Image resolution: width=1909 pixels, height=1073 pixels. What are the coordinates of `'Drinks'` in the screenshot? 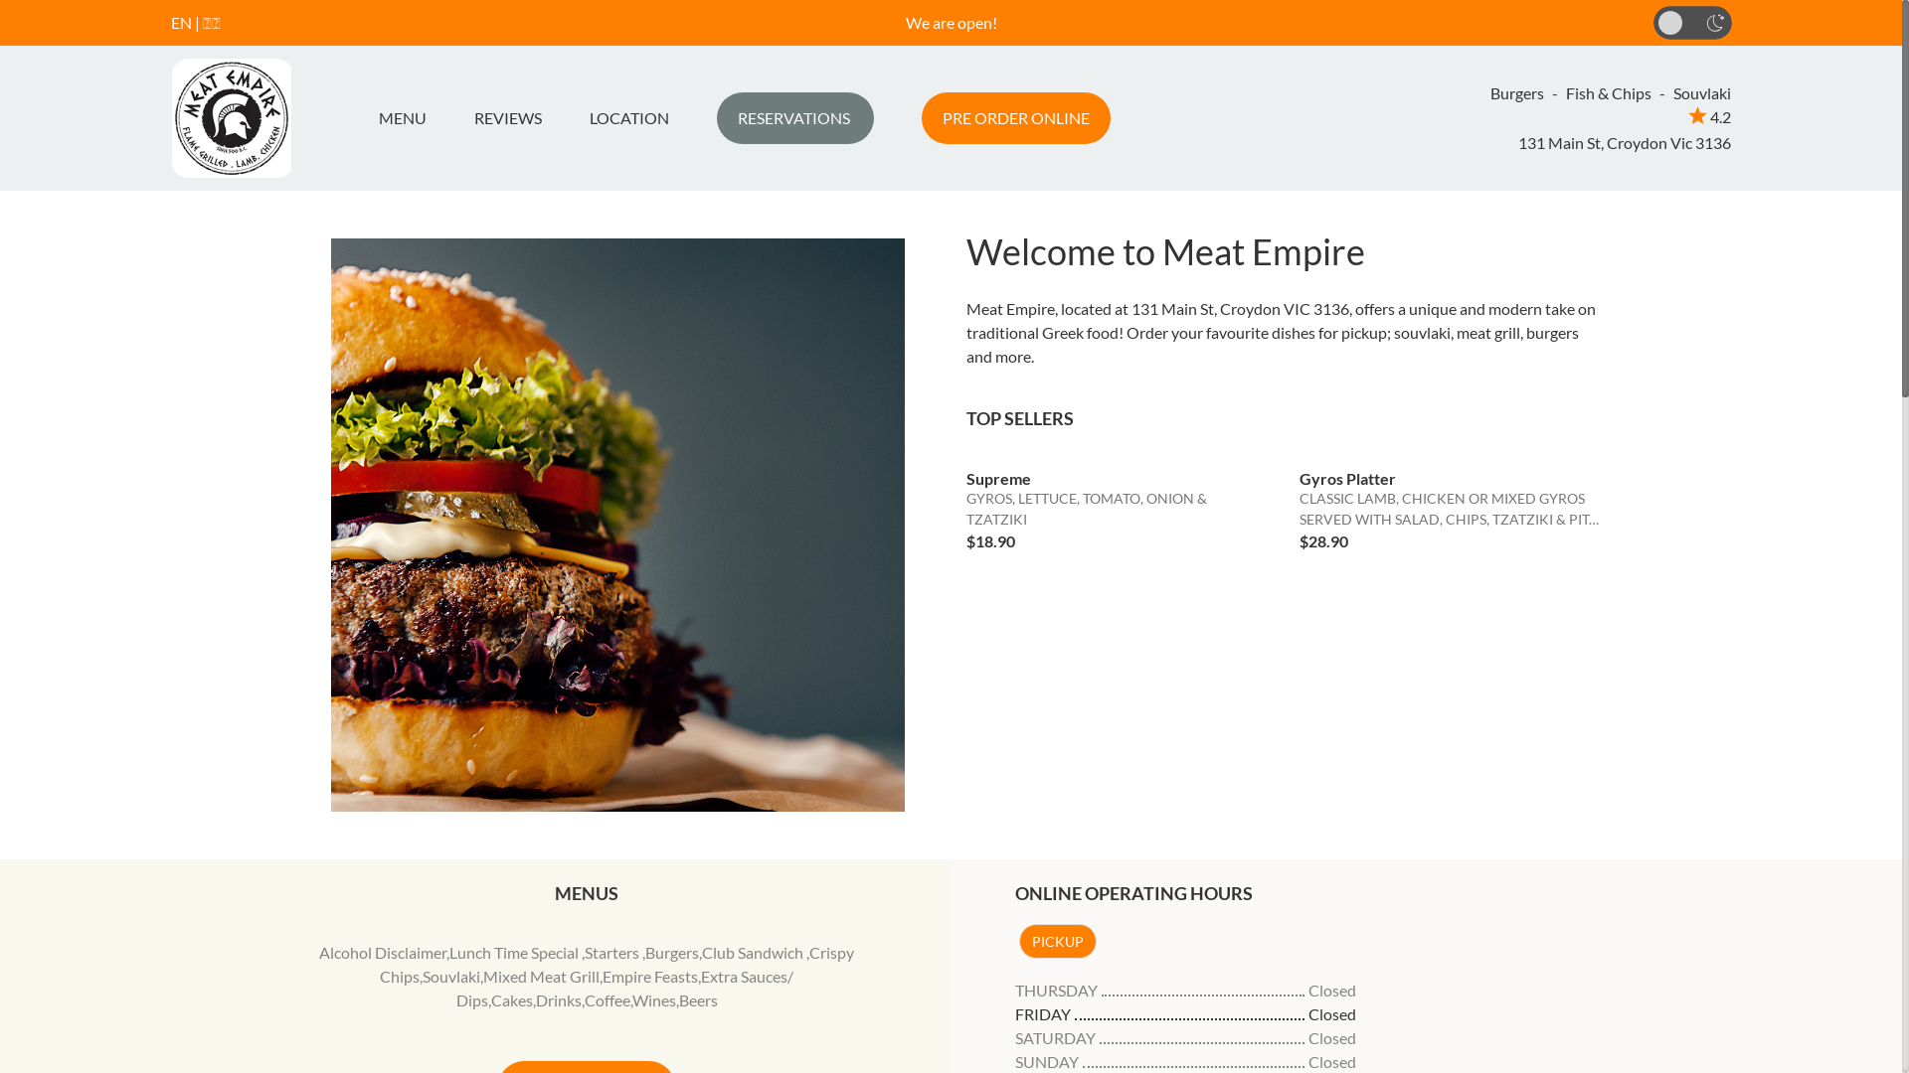 It's located at (535, 999).